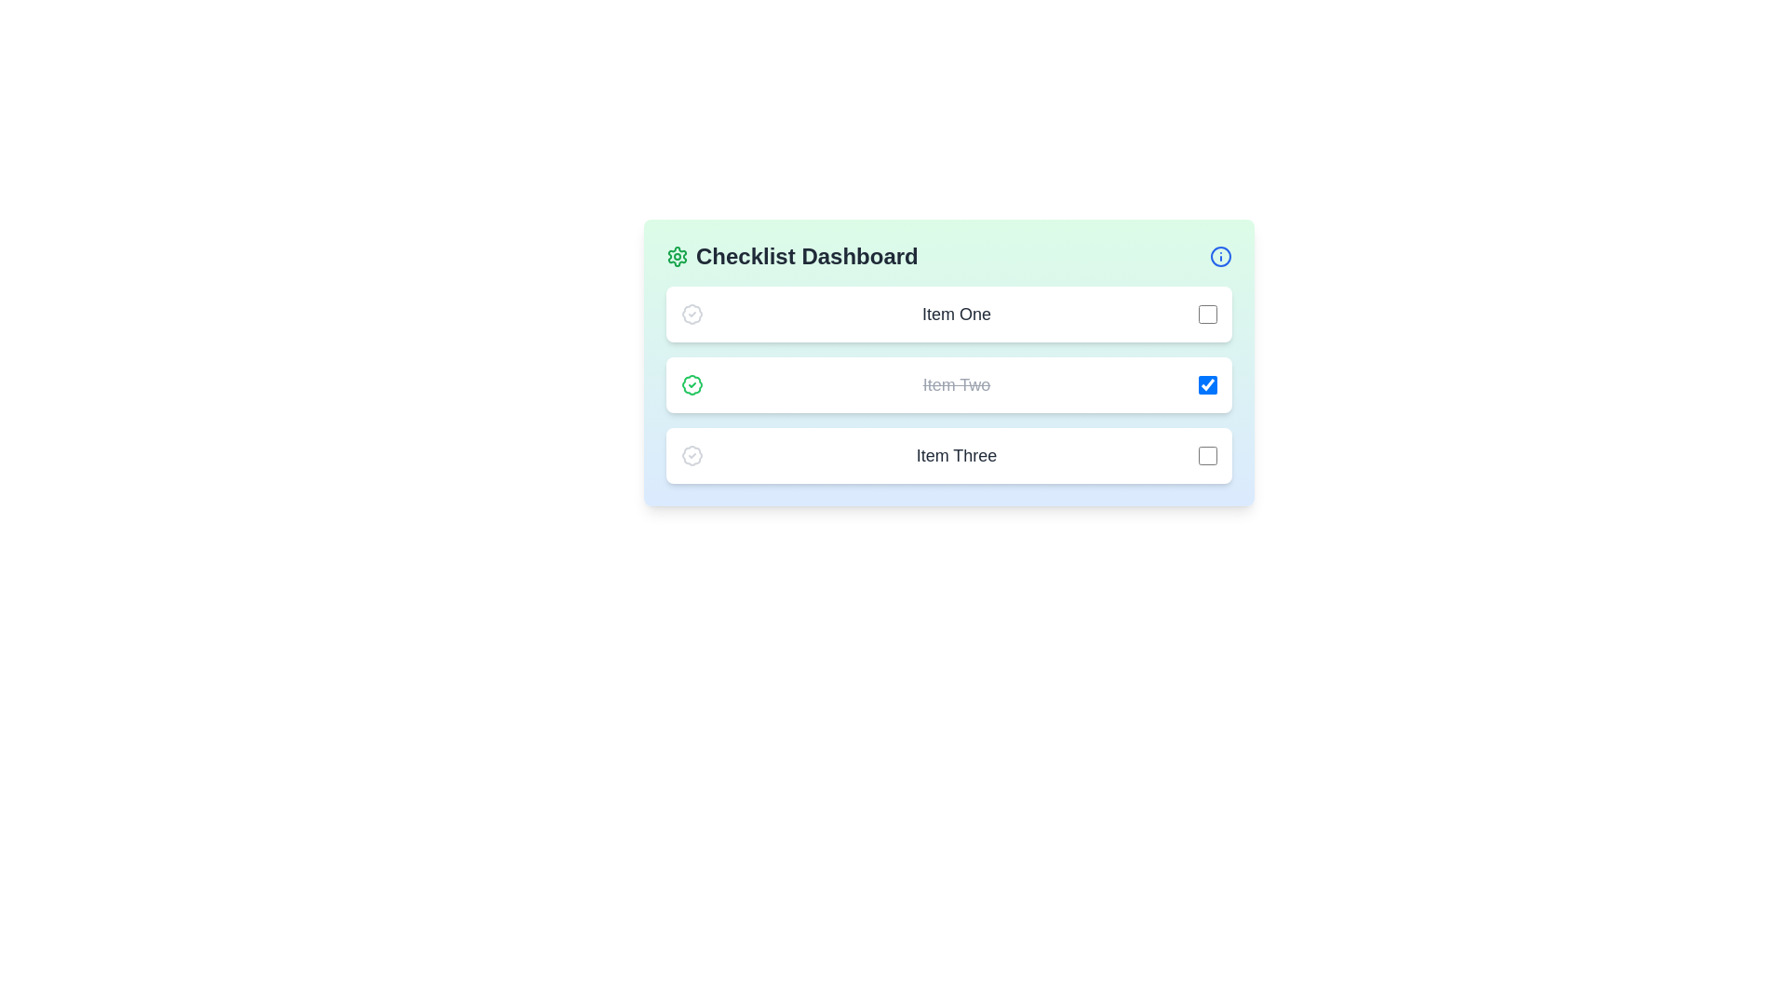  I want to click on the checkbox associated with 'Item Three', so click(1207, 455).